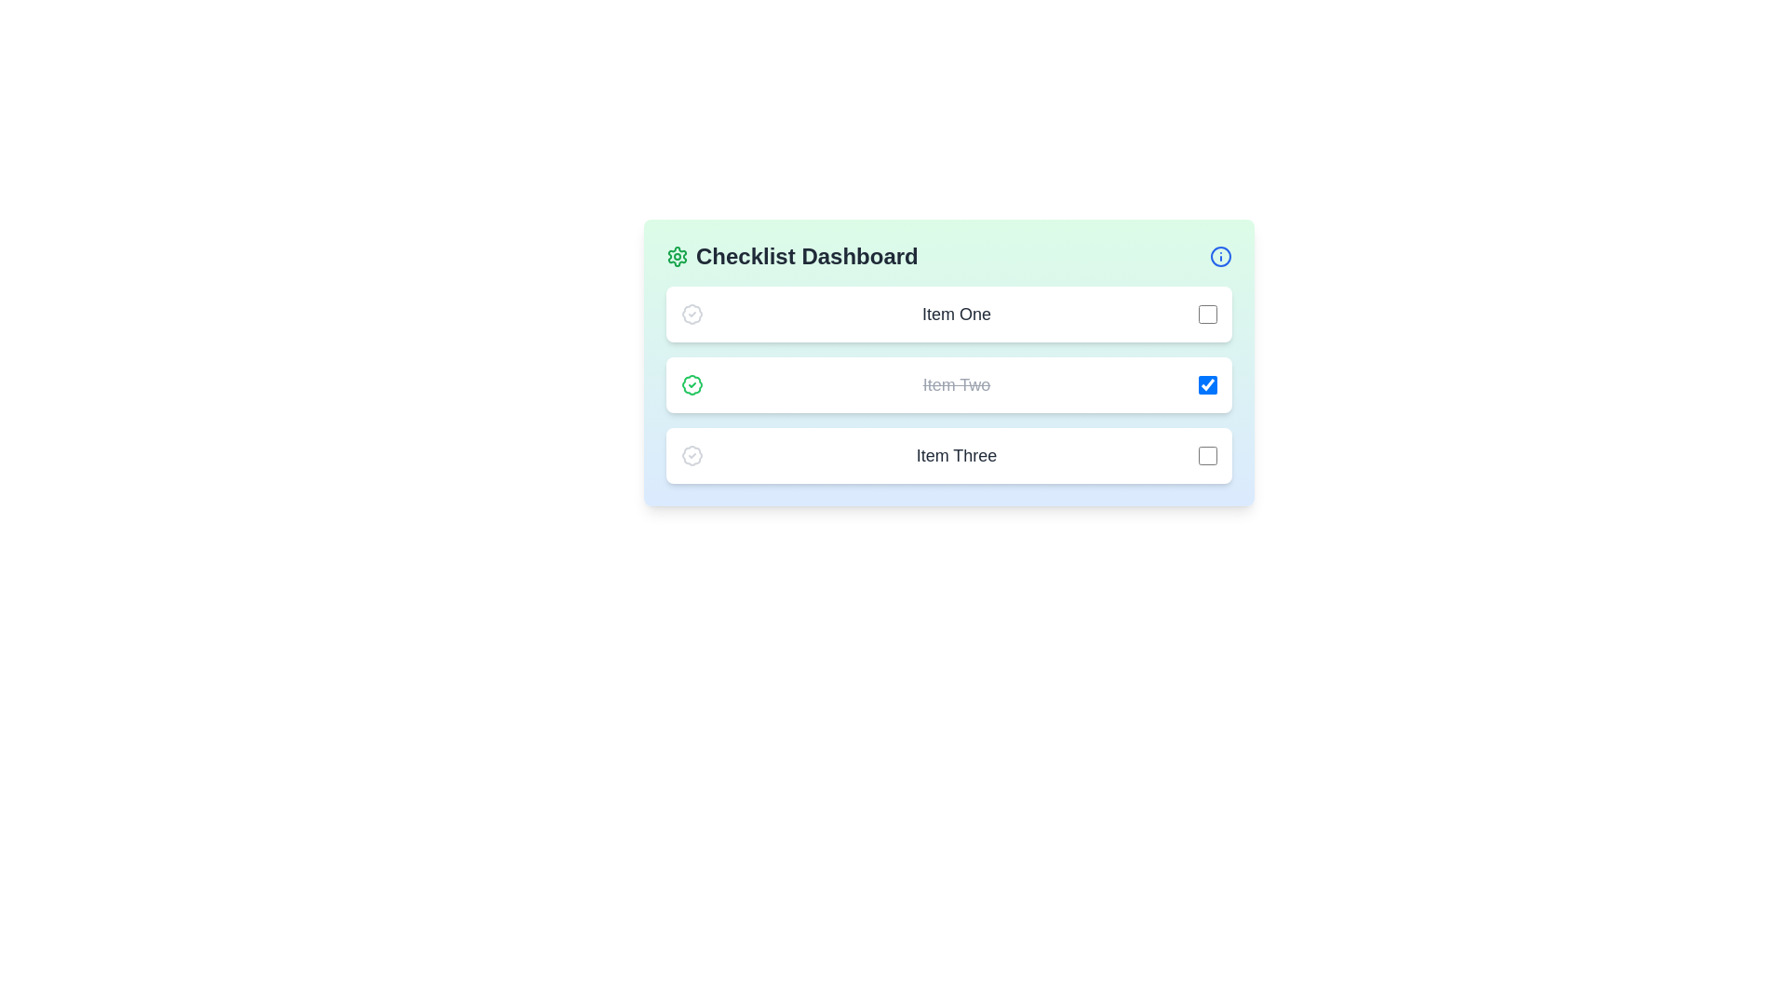  I want to click on the checkbox associated with 'Item Three', so click(1207, 455).